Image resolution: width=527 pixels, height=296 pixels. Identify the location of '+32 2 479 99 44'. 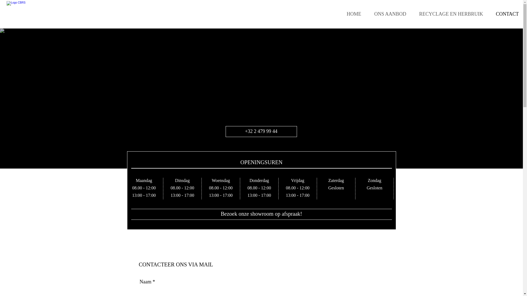
(261, 131).